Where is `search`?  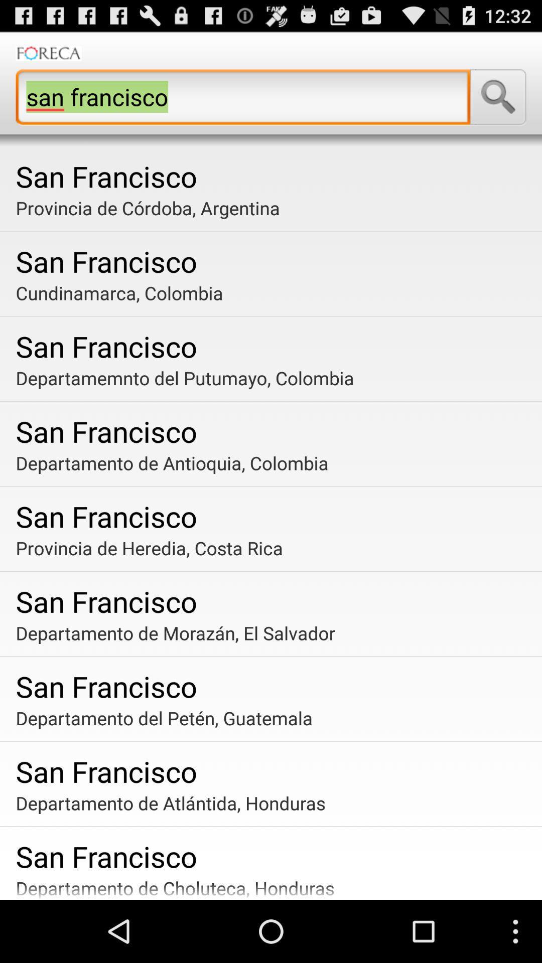
search is located at coordinates (498, 97).